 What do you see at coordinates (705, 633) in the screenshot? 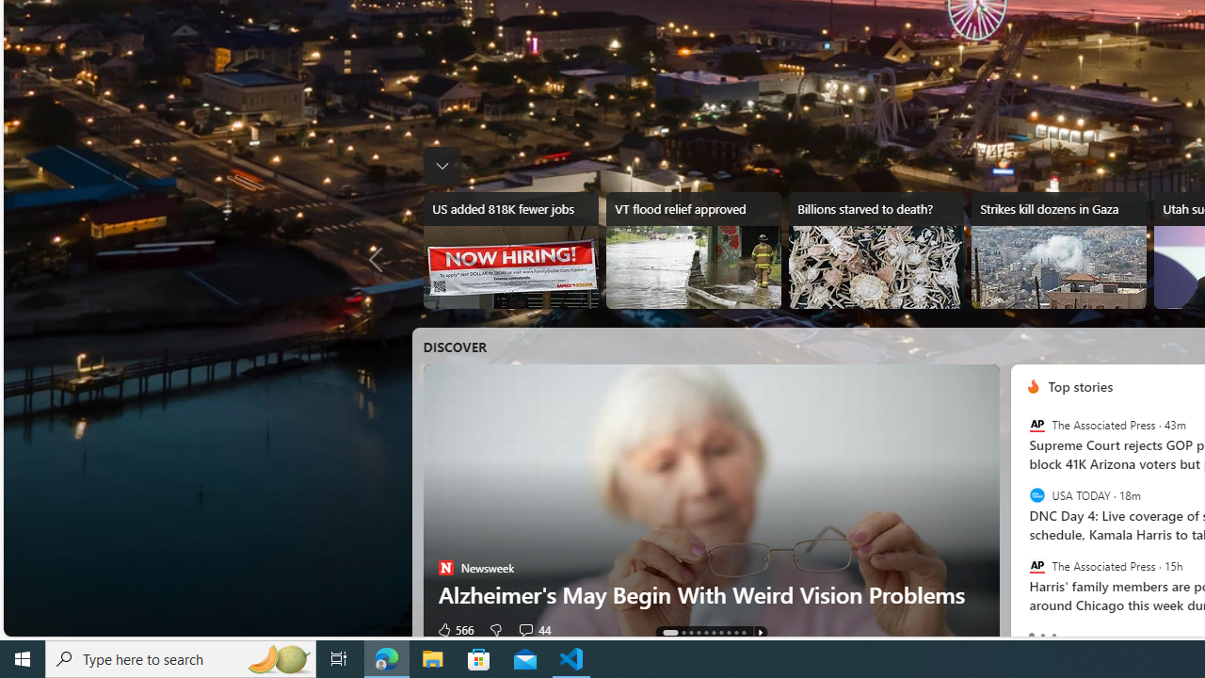
I see `'AutomationID: tab-4'` at bounding box center [705, 633].